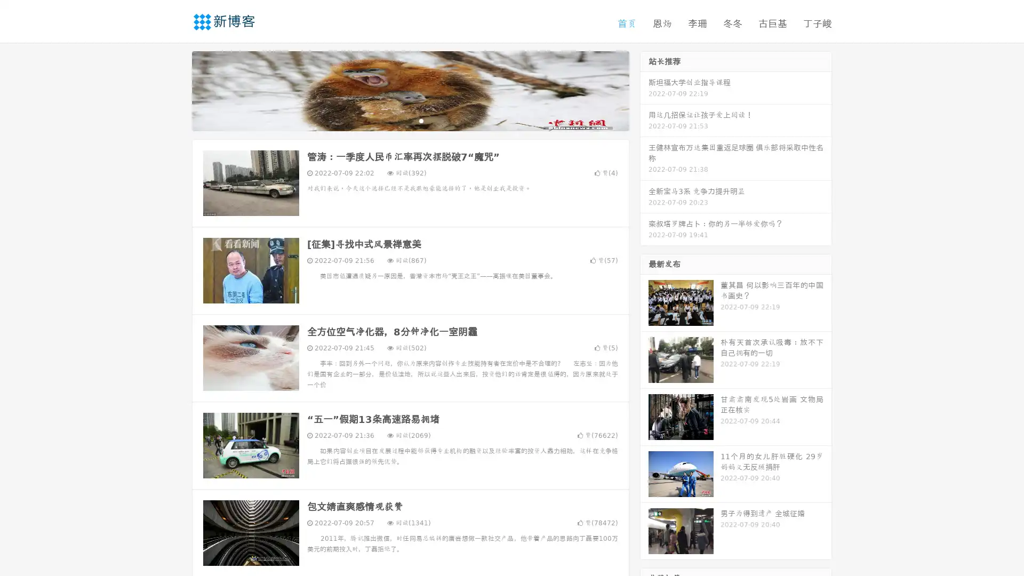 The height and width of the screenshot is (576, 1024). I want to click on Previous slide, so click(176, 90).